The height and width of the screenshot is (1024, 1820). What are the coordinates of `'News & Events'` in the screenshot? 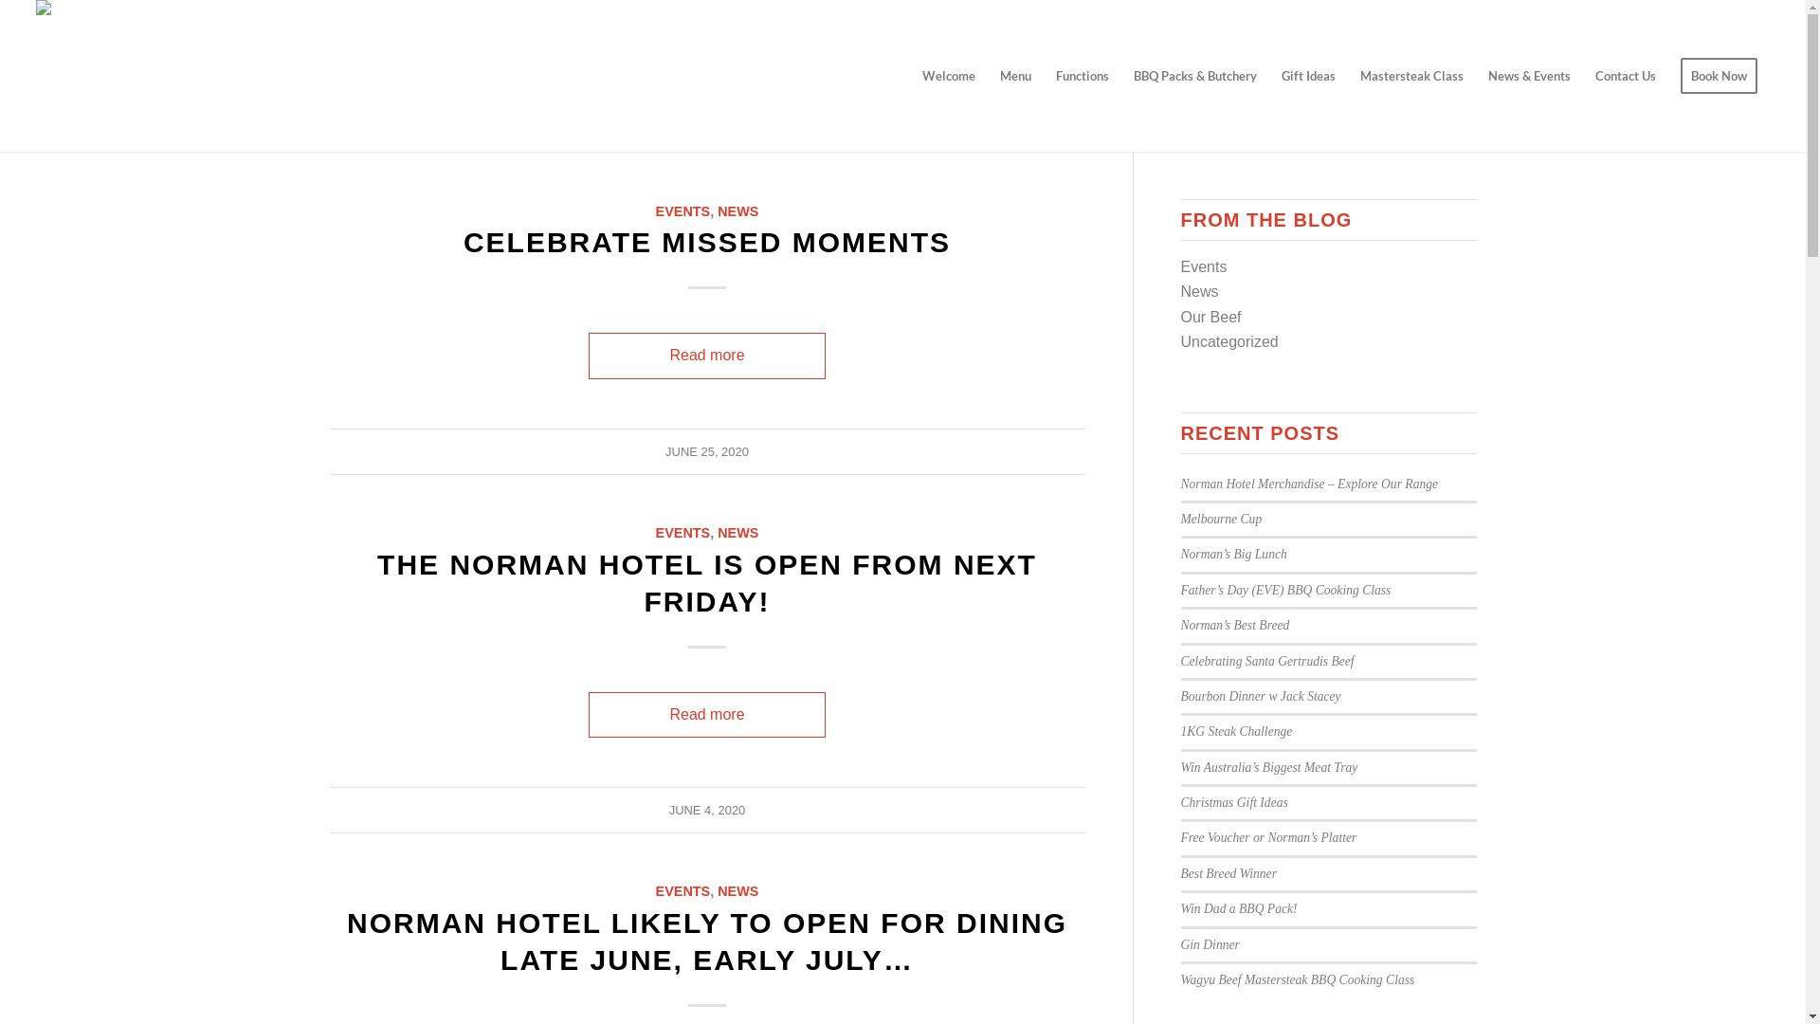 It's located at (1529, 75).